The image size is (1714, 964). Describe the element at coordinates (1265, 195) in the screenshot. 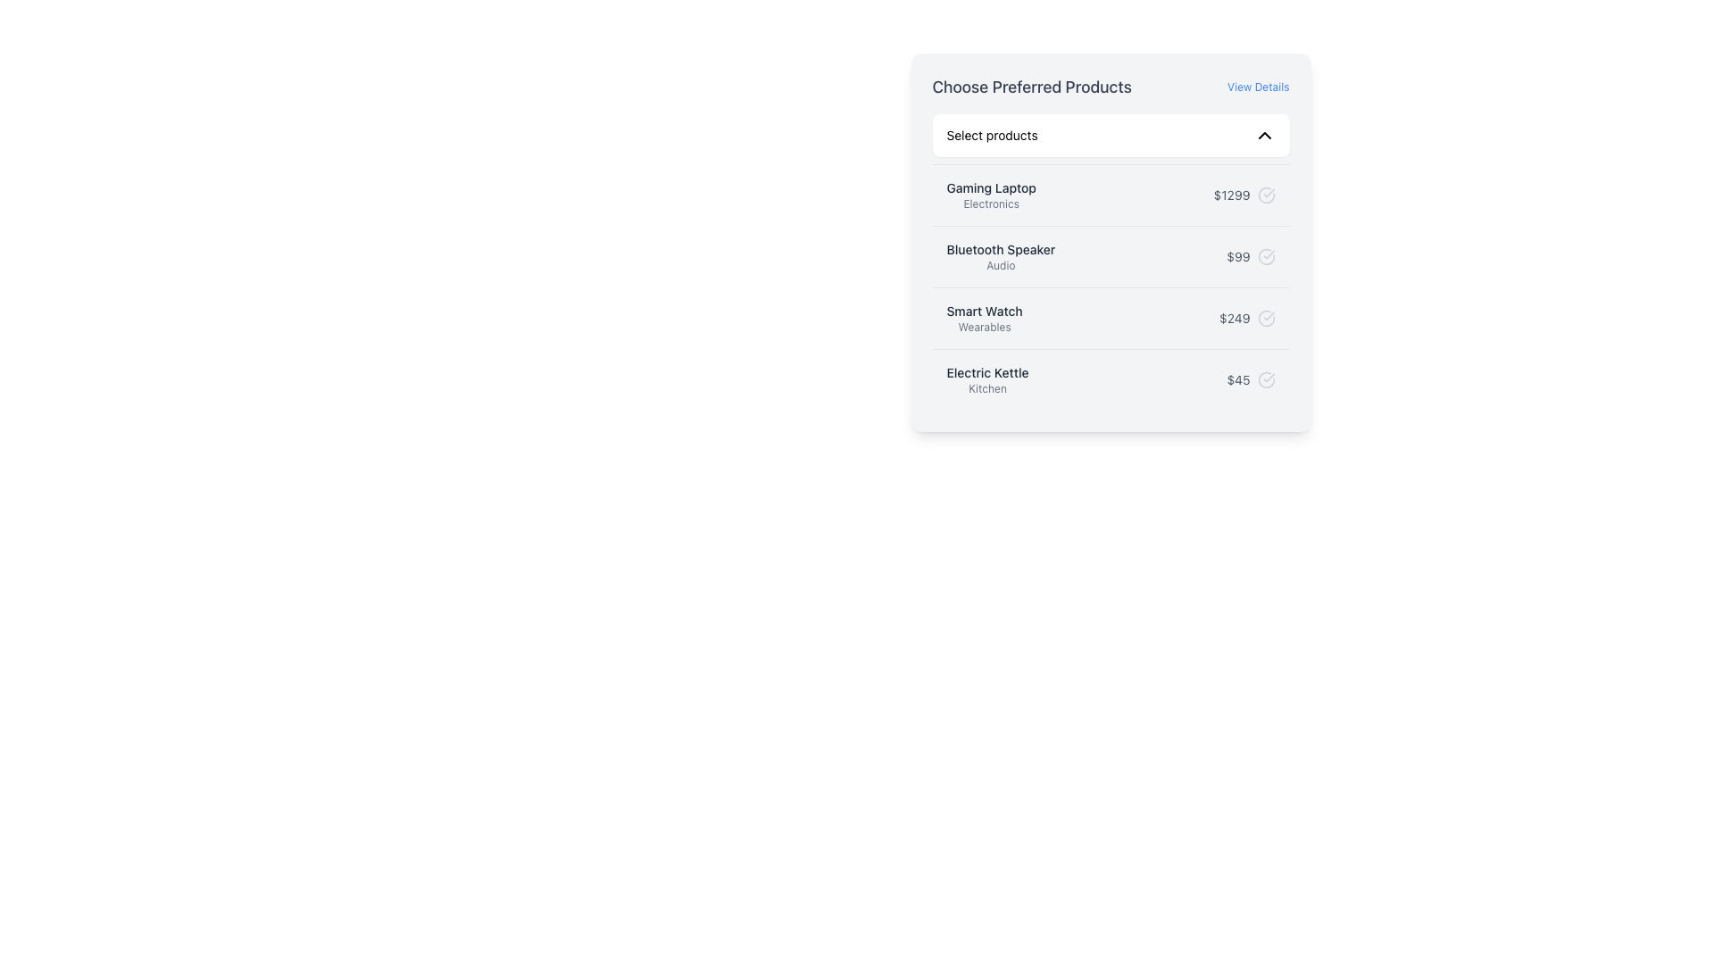

I see `the circular status indicator icon with a checkmark next to the price of the 'Gaming Laptop' in the product list` at that location.